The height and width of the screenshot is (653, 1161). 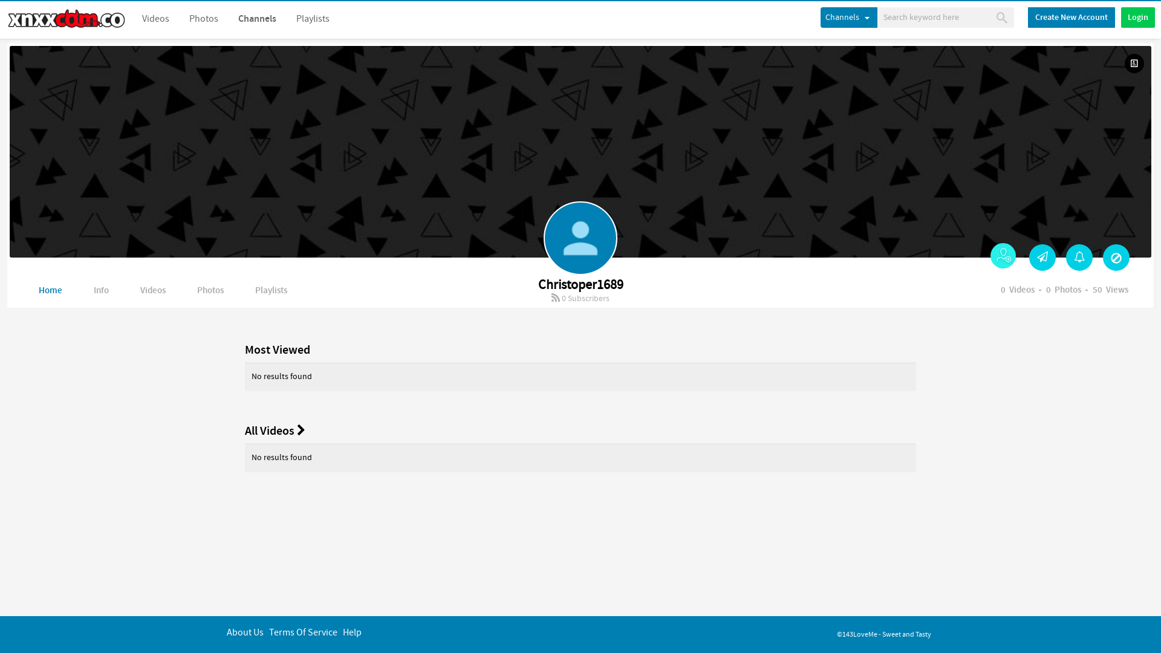 What do you see at coordinates (101, 291) in the screenshot?
I see `'Info'` at bounding box center [101, 291].